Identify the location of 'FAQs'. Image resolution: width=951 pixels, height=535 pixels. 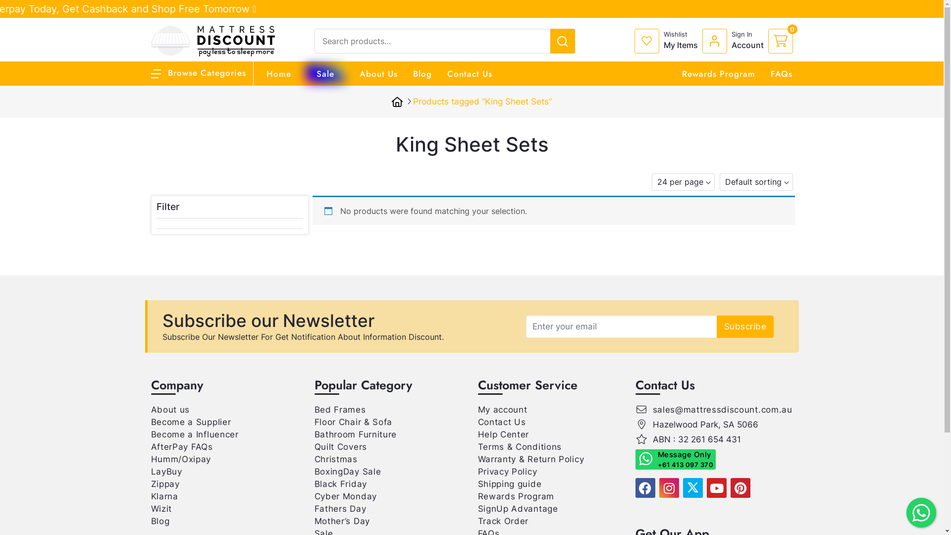
(781, 73).